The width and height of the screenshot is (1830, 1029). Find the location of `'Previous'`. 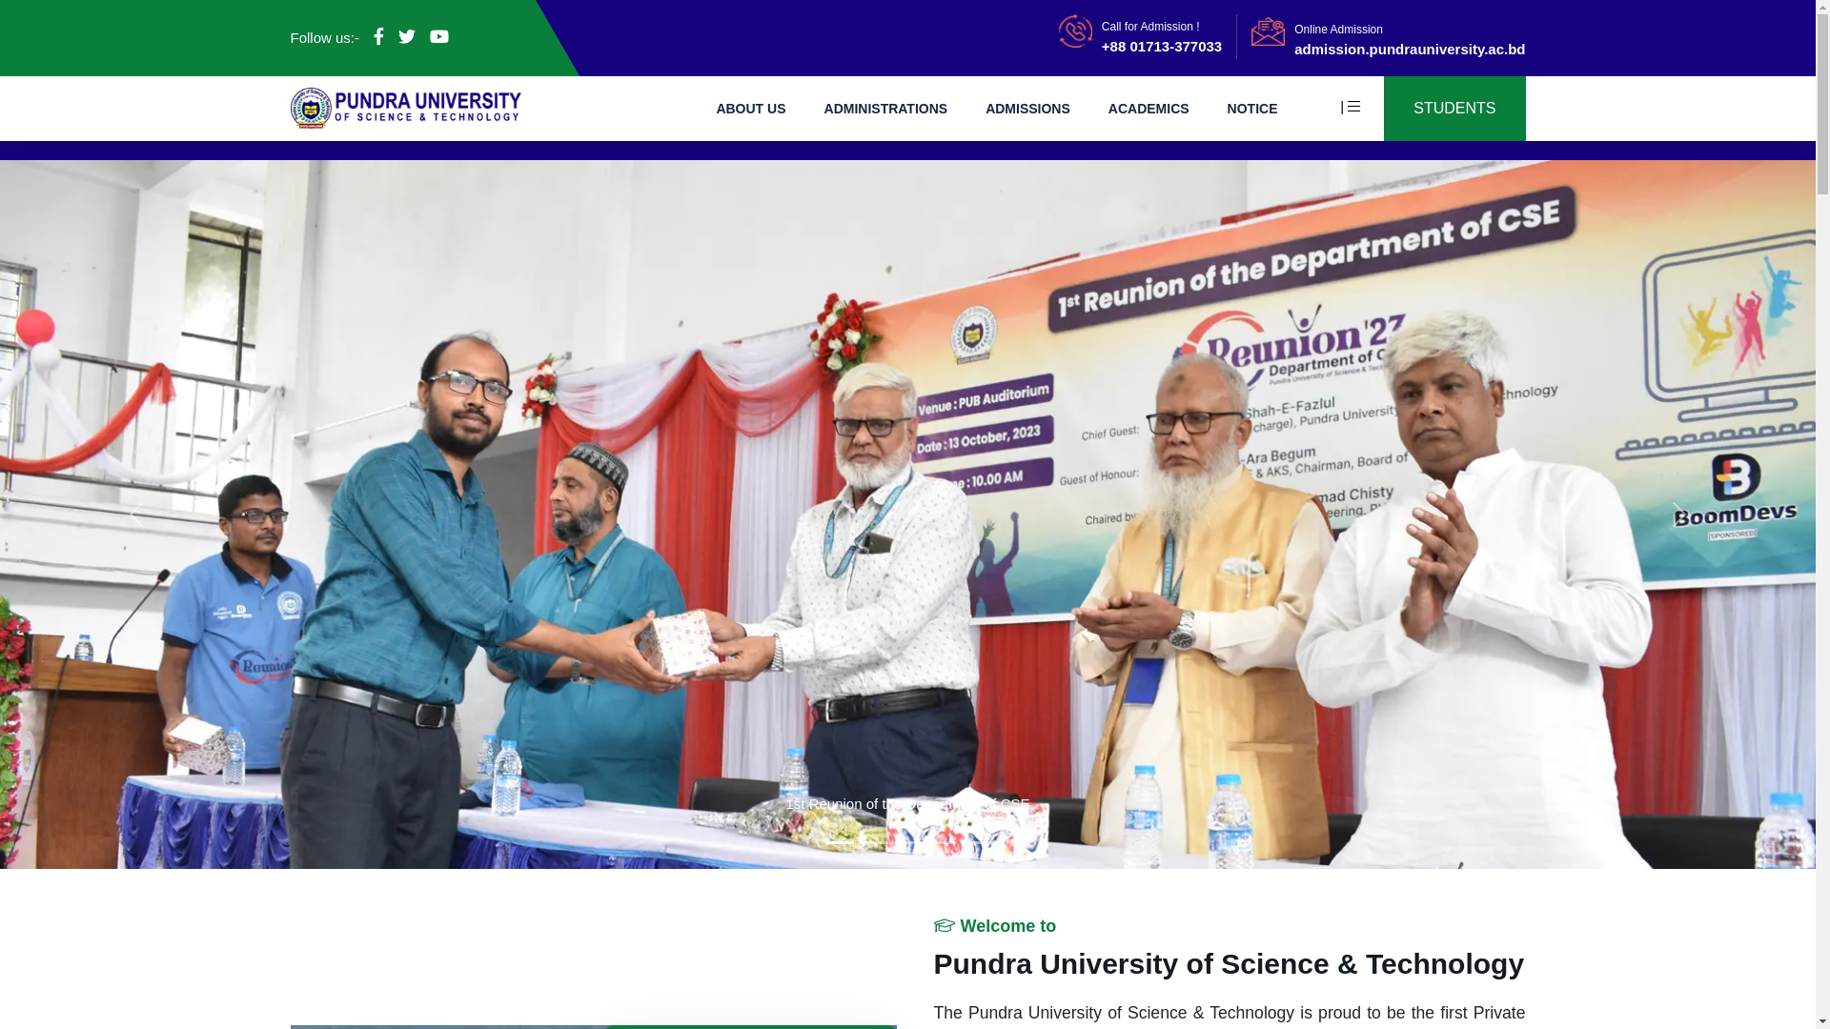

'Previous' is located at coordinates (0, 514).